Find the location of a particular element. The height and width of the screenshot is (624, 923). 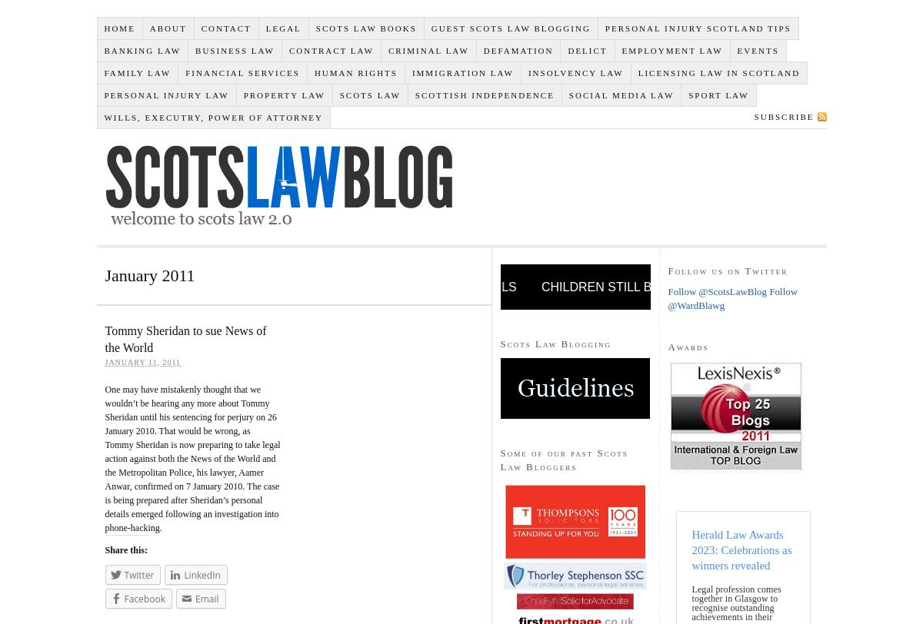

'Scots Law Books' is located at coordinates (365, 27).